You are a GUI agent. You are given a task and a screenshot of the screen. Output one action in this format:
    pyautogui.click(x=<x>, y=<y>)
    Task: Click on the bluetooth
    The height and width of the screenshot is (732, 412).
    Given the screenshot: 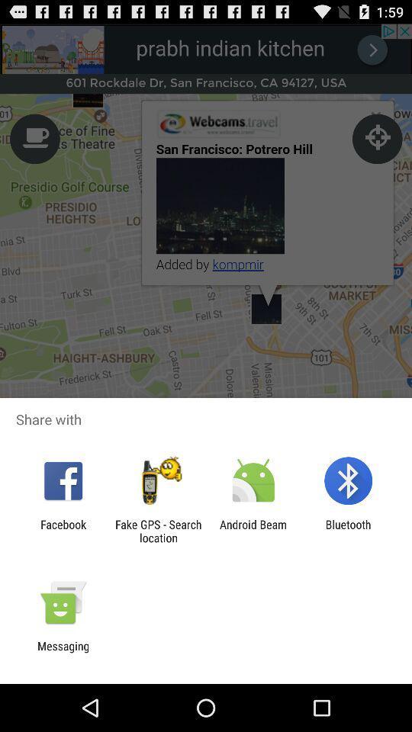 What is the action you would take?
    pyautogui.click(x=348, y=531)
    